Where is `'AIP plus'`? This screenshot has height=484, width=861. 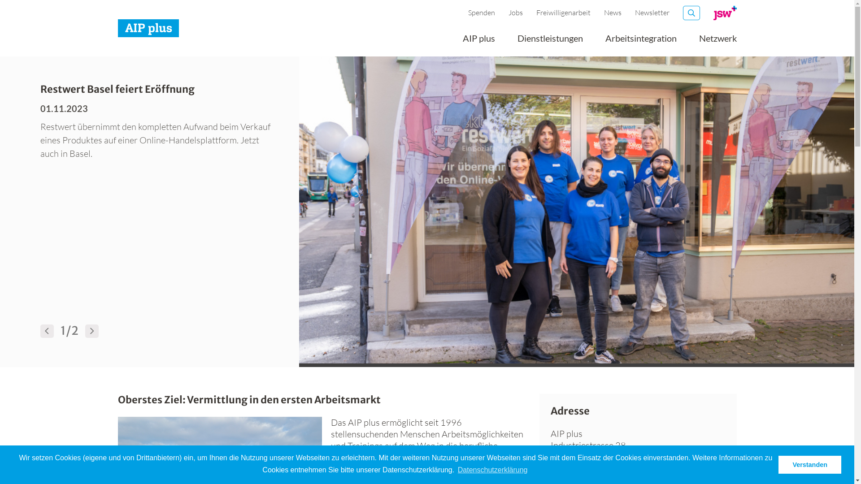 'AIP plus' is located at coordinates (478, 41).